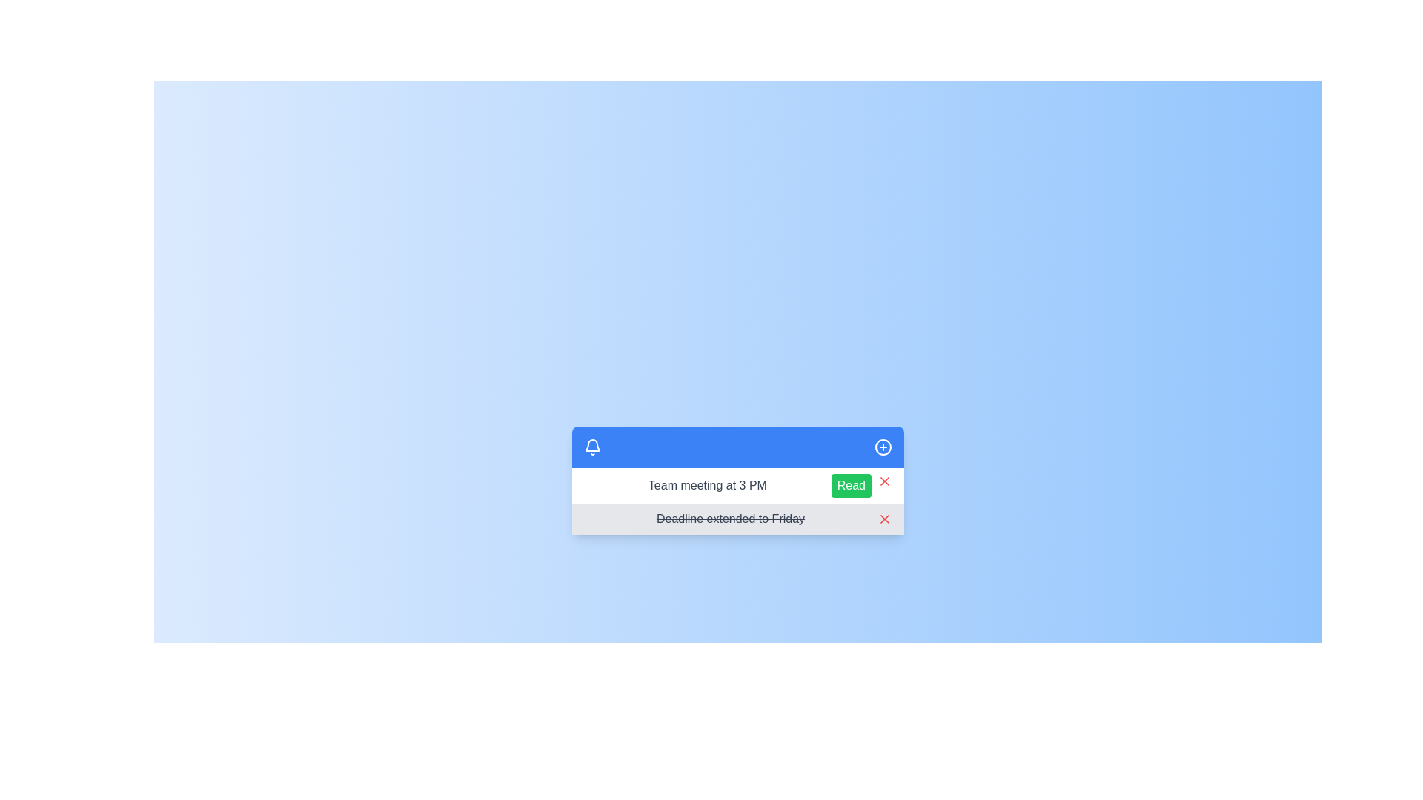  Describe the element at coordinates (883, 447) in the screenshot. I see `the add item button located on the far right side of the blue header section` at that location.